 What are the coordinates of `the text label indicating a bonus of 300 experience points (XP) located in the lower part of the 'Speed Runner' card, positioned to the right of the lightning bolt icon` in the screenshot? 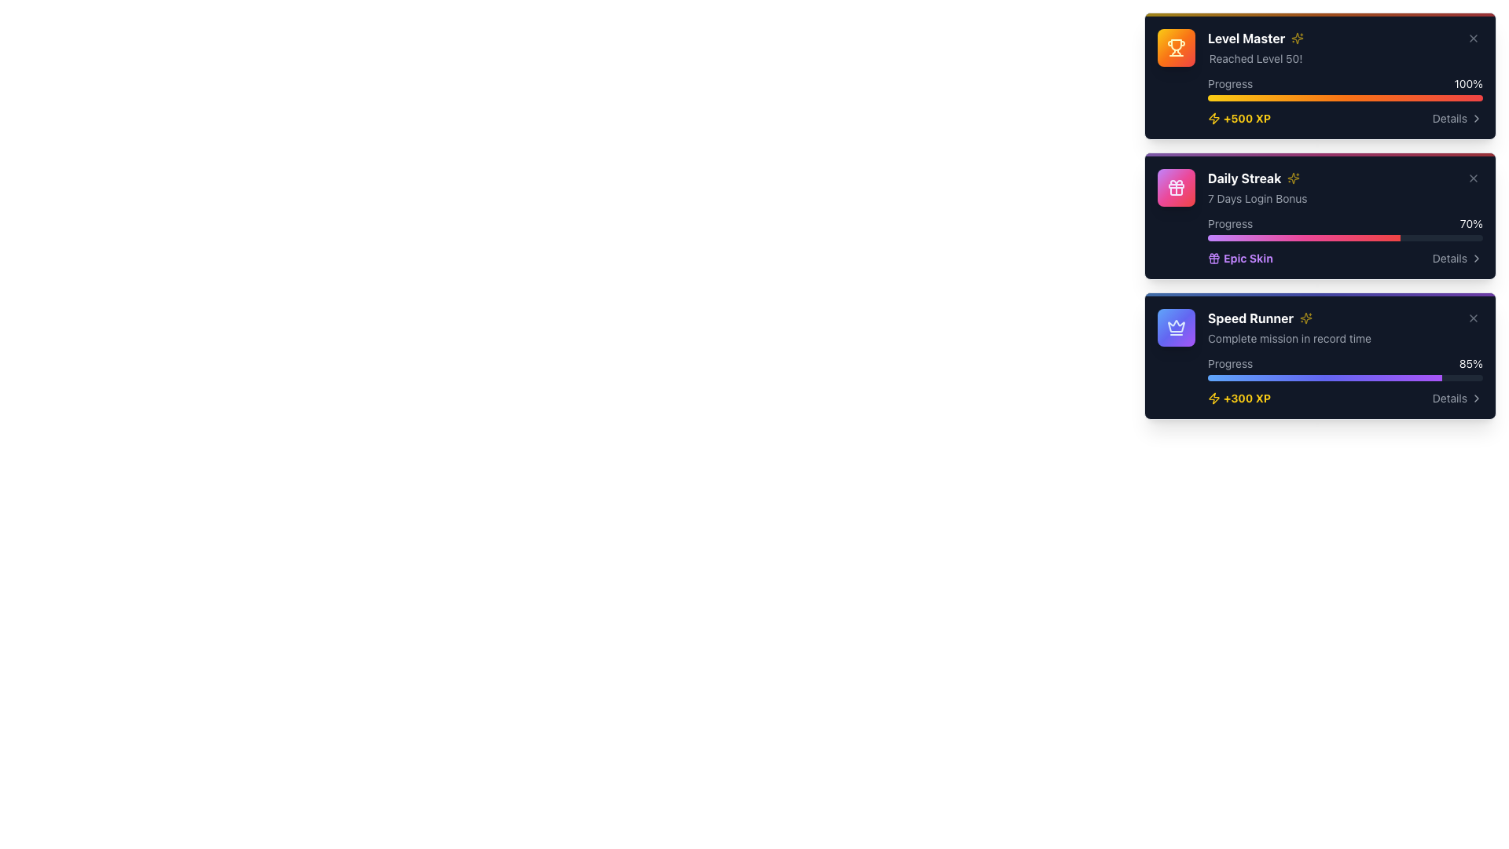 It's located at (1246, 397).